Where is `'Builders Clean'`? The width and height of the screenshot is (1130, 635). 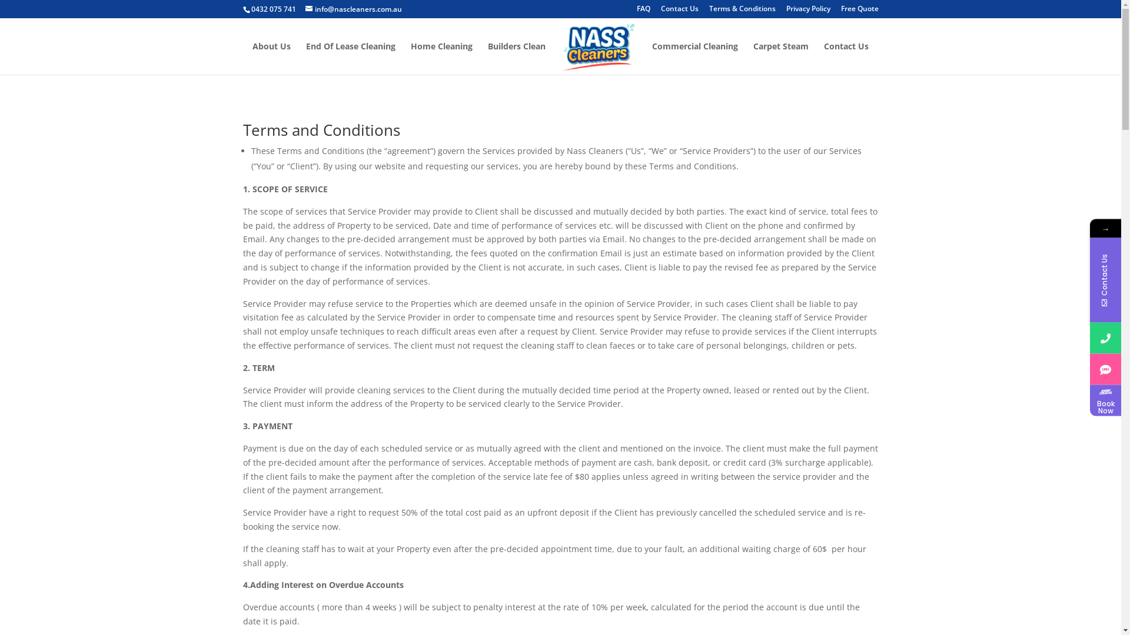
'Builders Clean' is located at coordinates (488, 58).